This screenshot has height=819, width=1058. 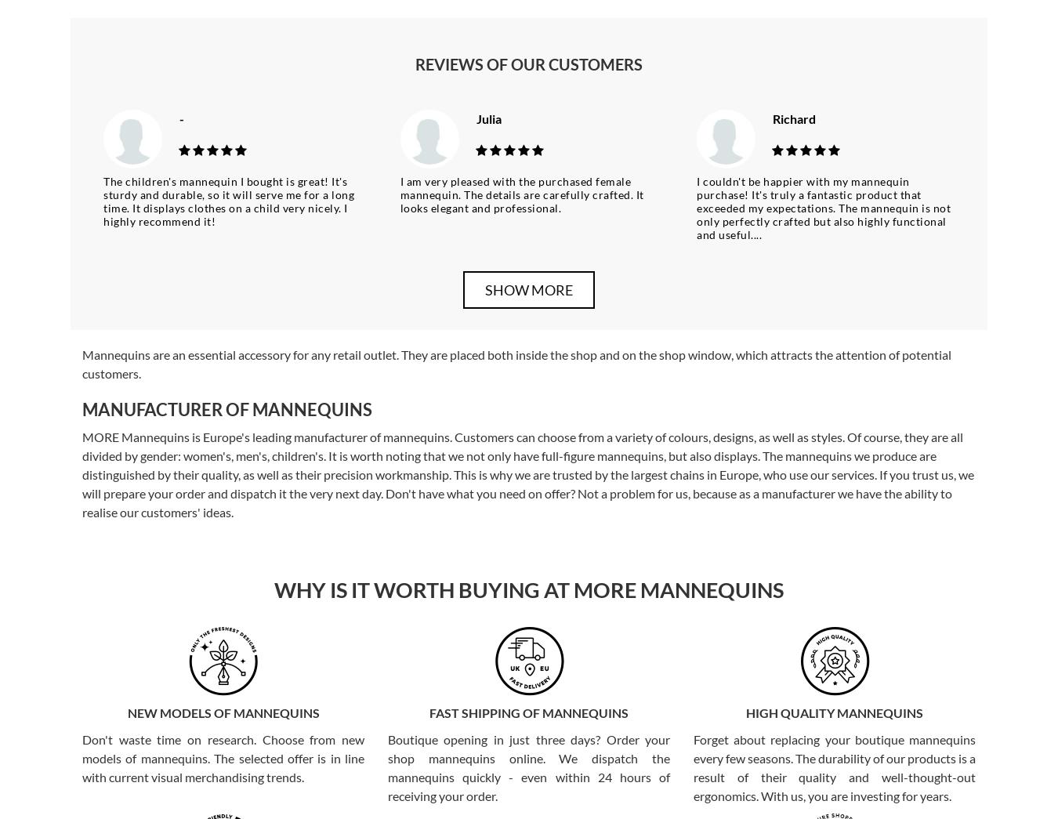 What do you see at coordinates (528, 473) in the screenshot?
I see `'MORE Mannequins is Europe's leading manufacturer of mannequins. Customers can choose from a variety of colours, designs, as well as styles. Of course, they are all divided by gender: women's, men's, children's. It is worth noting that we not only have full-figure mannequins, but also displays. The mannequins we produce are distinguished by their quality, as well as their precision workmanship. This is why we are trusted by the largest chains in Europe, who use our services. If you trust us, we will prepare your order and dispatch it the very next day. Don't have what you need on offer? Not a problem for us, because as a manufacturer we have the ability to realise our customers' ideas.'` at bounding box center [528, 473].